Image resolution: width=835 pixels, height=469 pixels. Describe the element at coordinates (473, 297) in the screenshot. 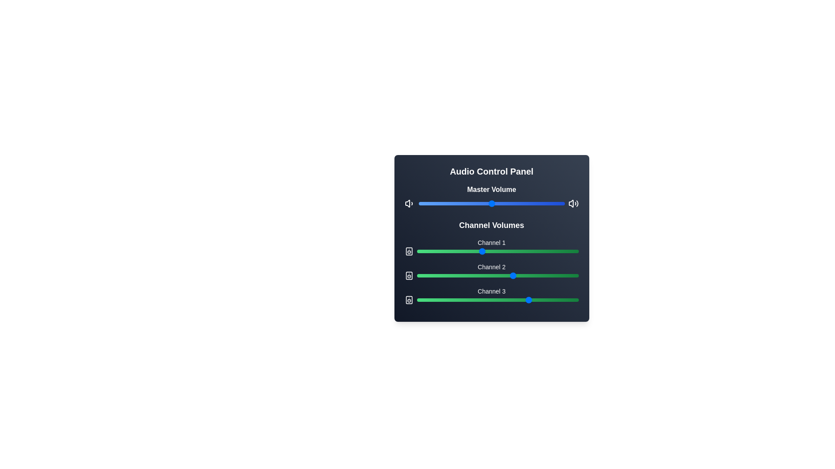

I see `the 'Channel 3' volume slider` at that location.